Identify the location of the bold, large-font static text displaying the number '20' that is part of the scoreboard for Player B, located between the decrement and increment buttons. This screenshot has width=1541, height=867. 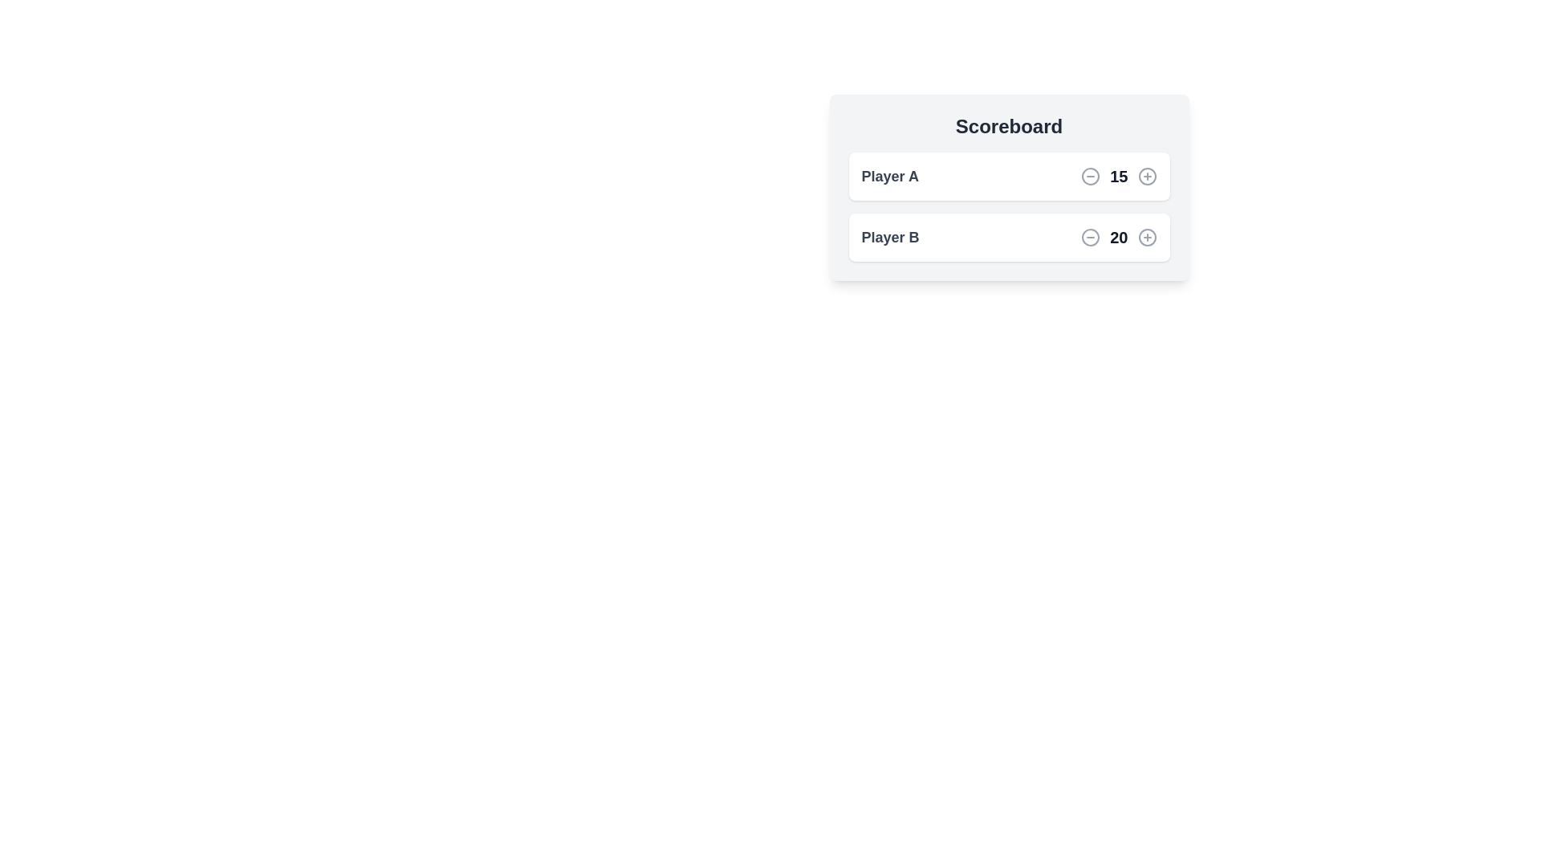
(1118, 238).